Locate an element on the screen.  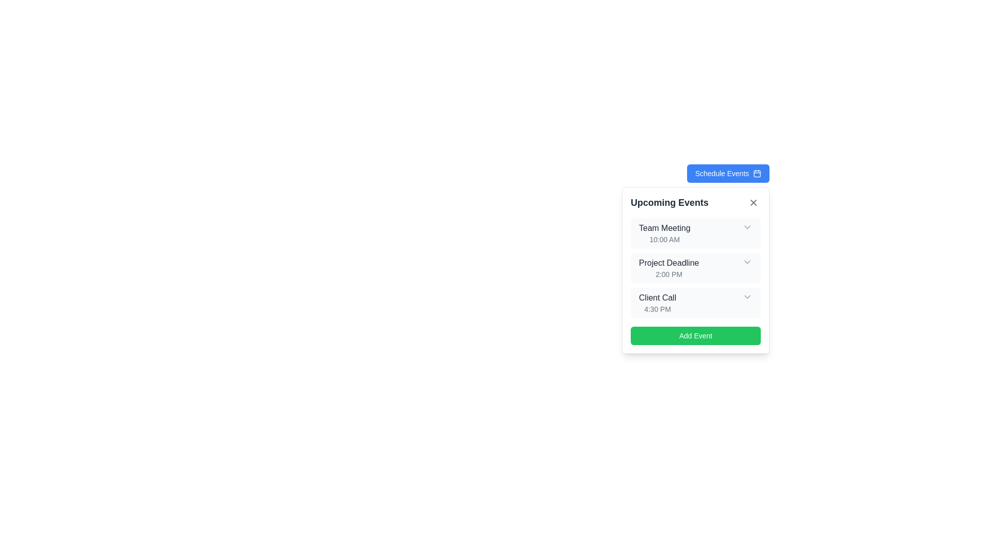
text label indicating the title of the scheduled event, which states '4:30 PM' located under the 'Upcoming Events' section, specifically below the 'Project Deadline' event and above the 'Add Event' button is located at coordinates (657, 298).